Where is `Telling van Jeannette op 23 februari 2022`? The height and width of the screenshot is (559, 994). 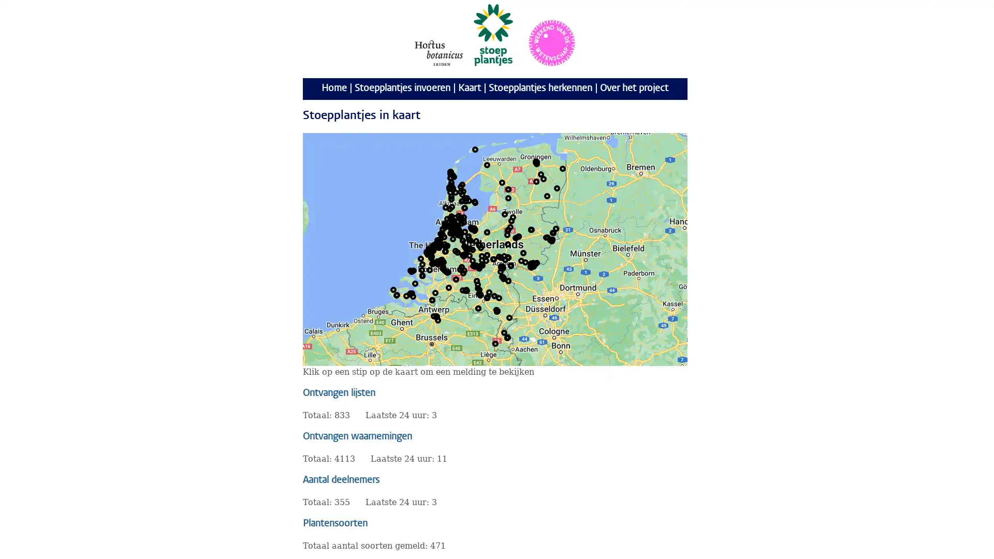
Telling van Jeannette op 23 februari 2022 is located at coordinates (430, 252).